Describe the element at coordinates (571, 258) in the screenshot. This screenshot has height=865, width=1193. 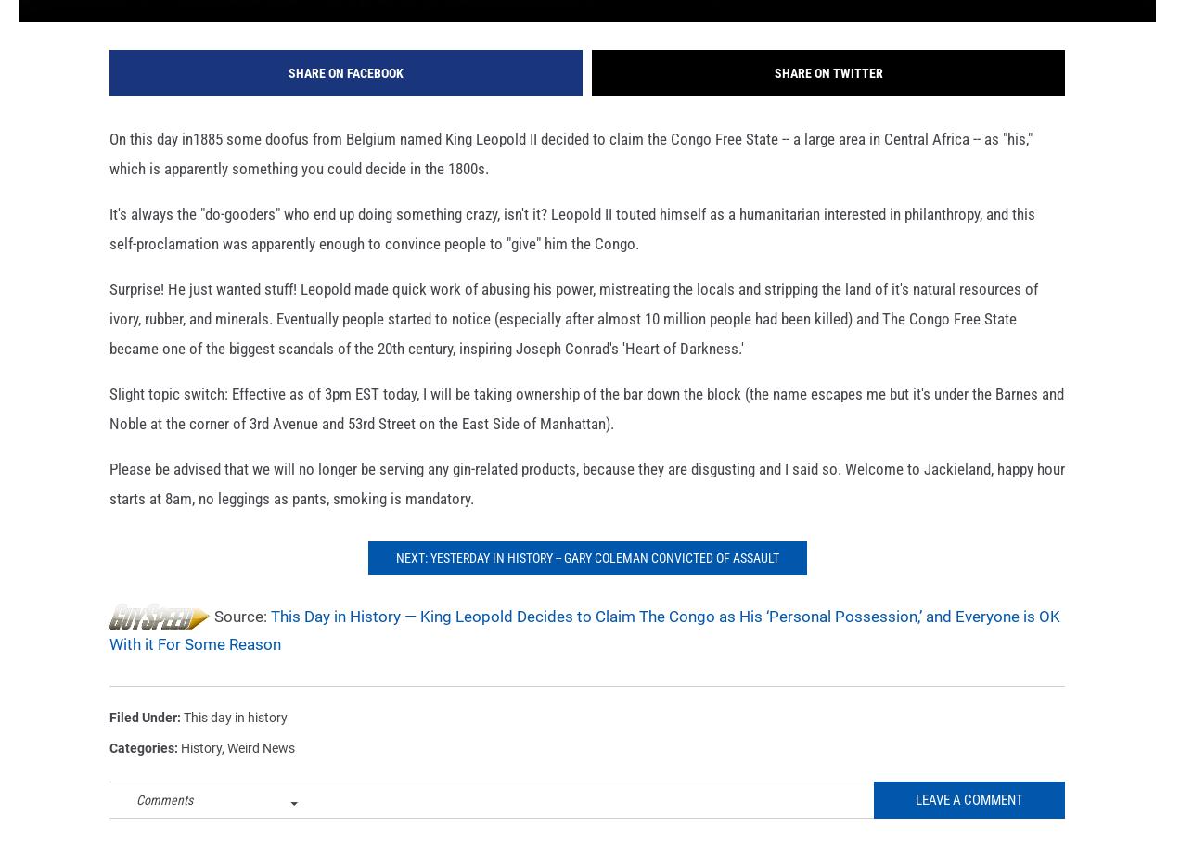
I see `'It's always the "do-gooders" who end up doing something crazy, isn't it? Leopold II touted himself as a humanitarian interested in philanthropy, and this self-proclamation was apparently enough to convince people to "give" him the Congo.'` at that location.